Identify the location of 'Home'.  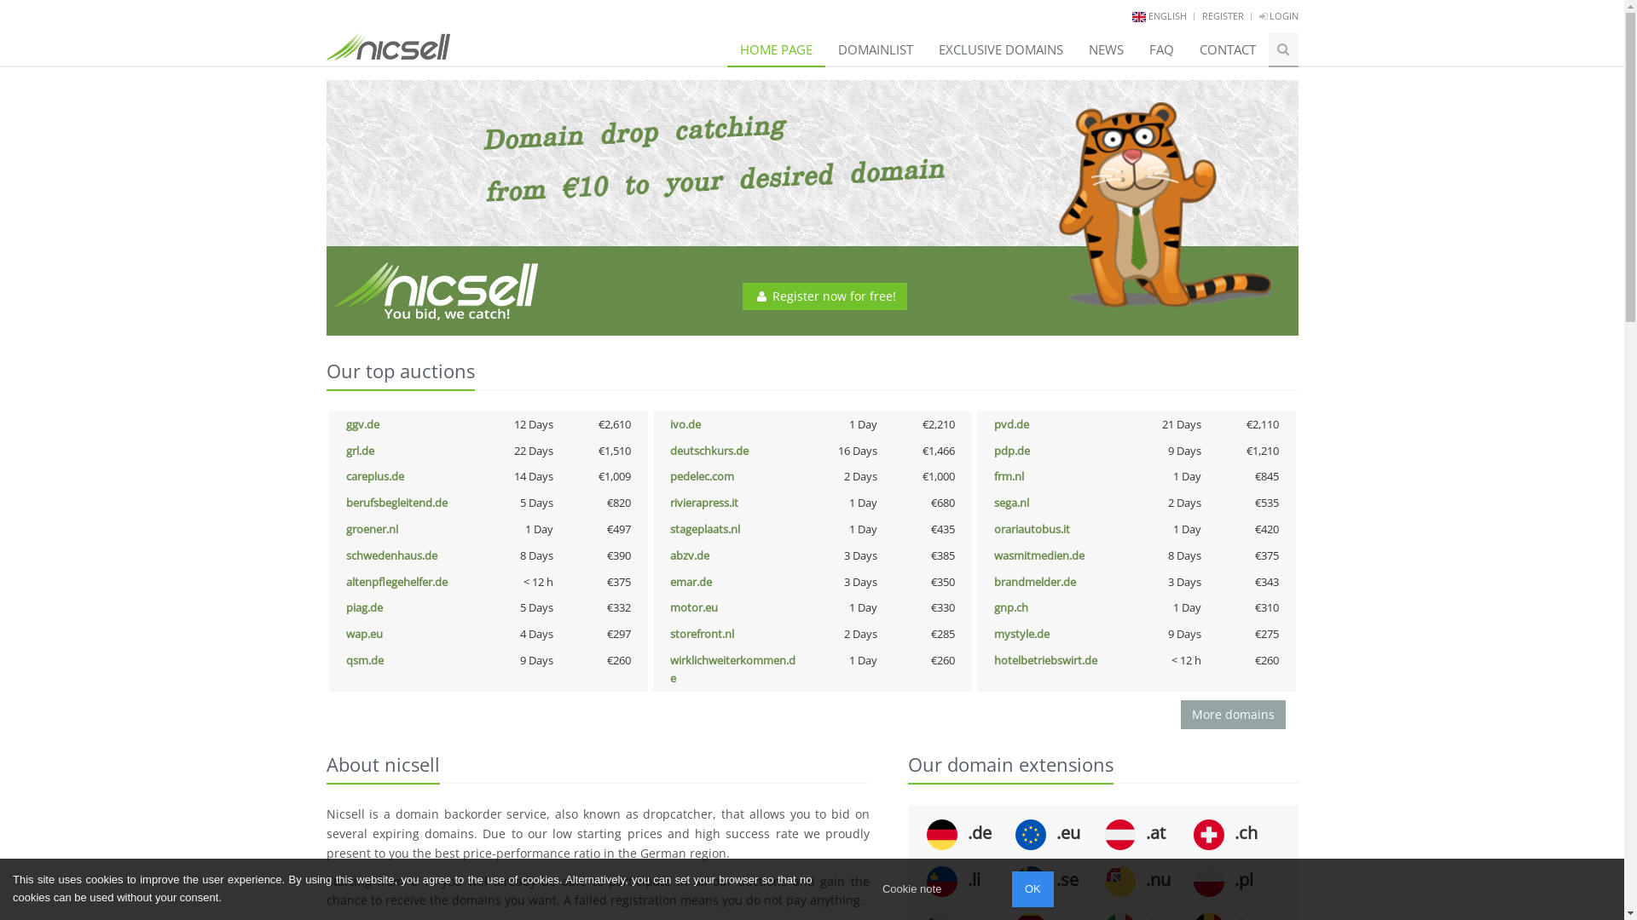
(386, 41).